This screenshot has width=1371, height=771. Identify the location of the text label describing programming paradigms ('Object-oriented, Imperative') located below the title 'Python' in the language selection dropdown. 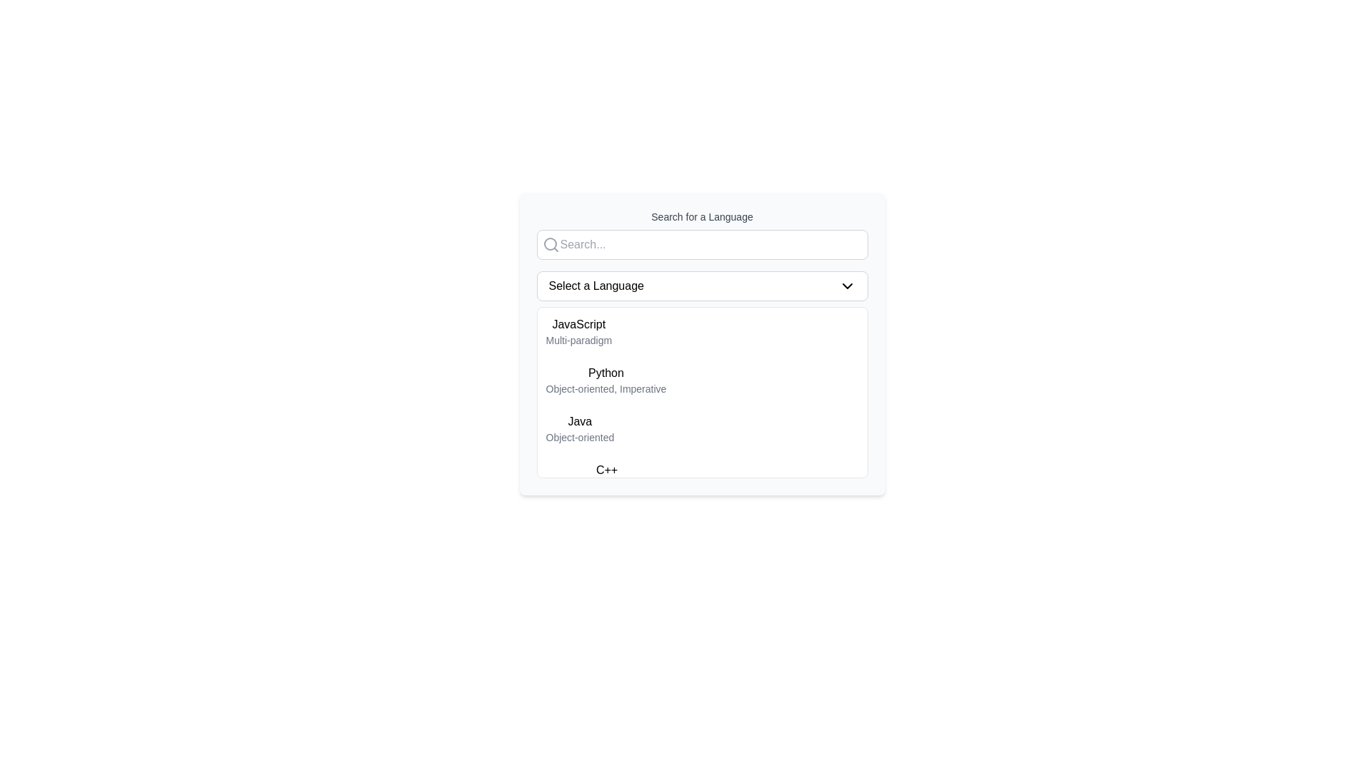
(606, 388).